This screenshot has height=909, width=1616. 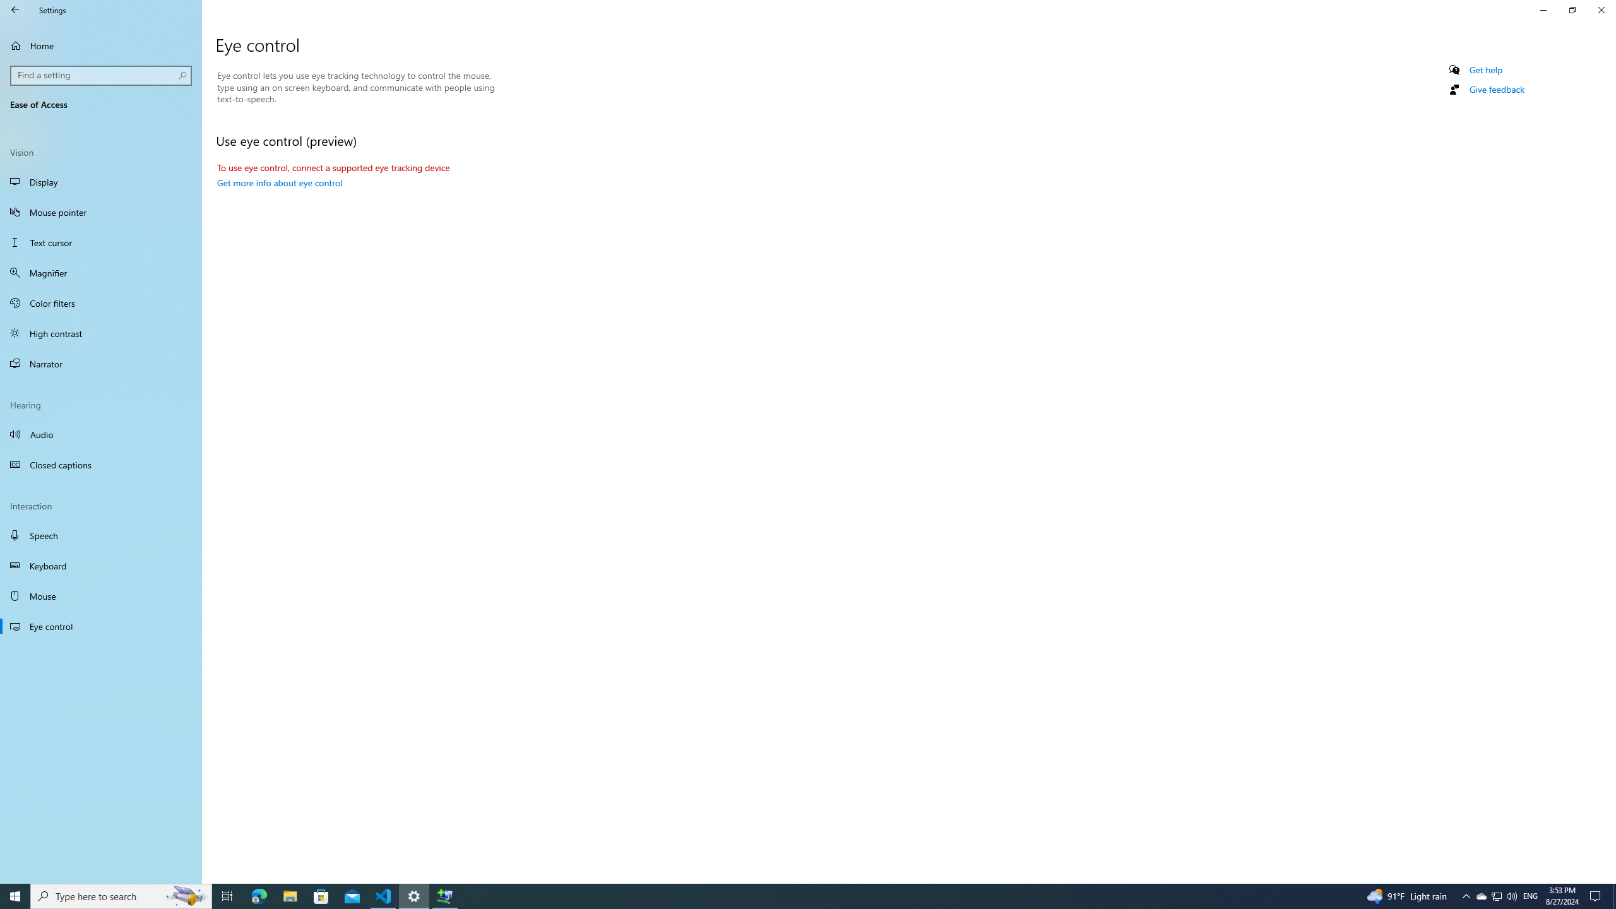 I want to click on 'Get more info about eye control', so click(x=278, y=182).